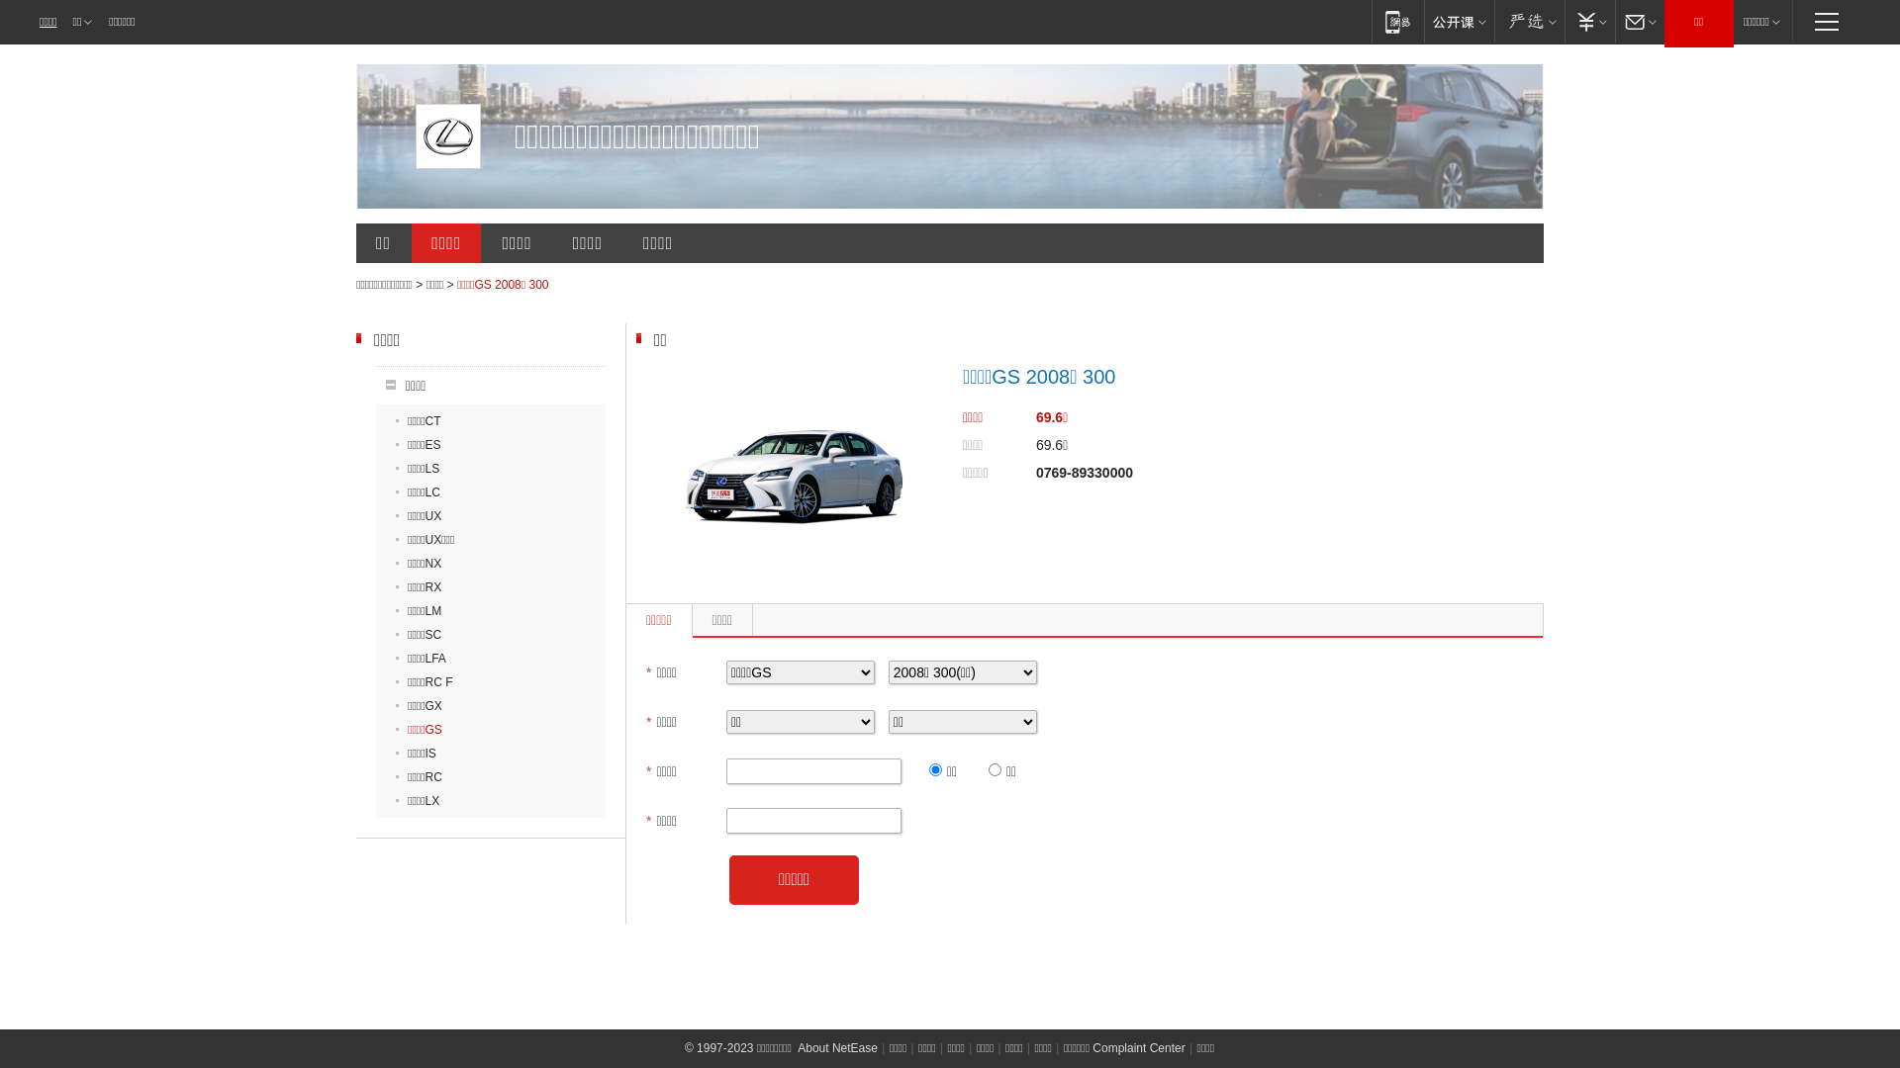 The image size is (1900, 1068). I want to click on 'About NetEase', so click(797, 1047).